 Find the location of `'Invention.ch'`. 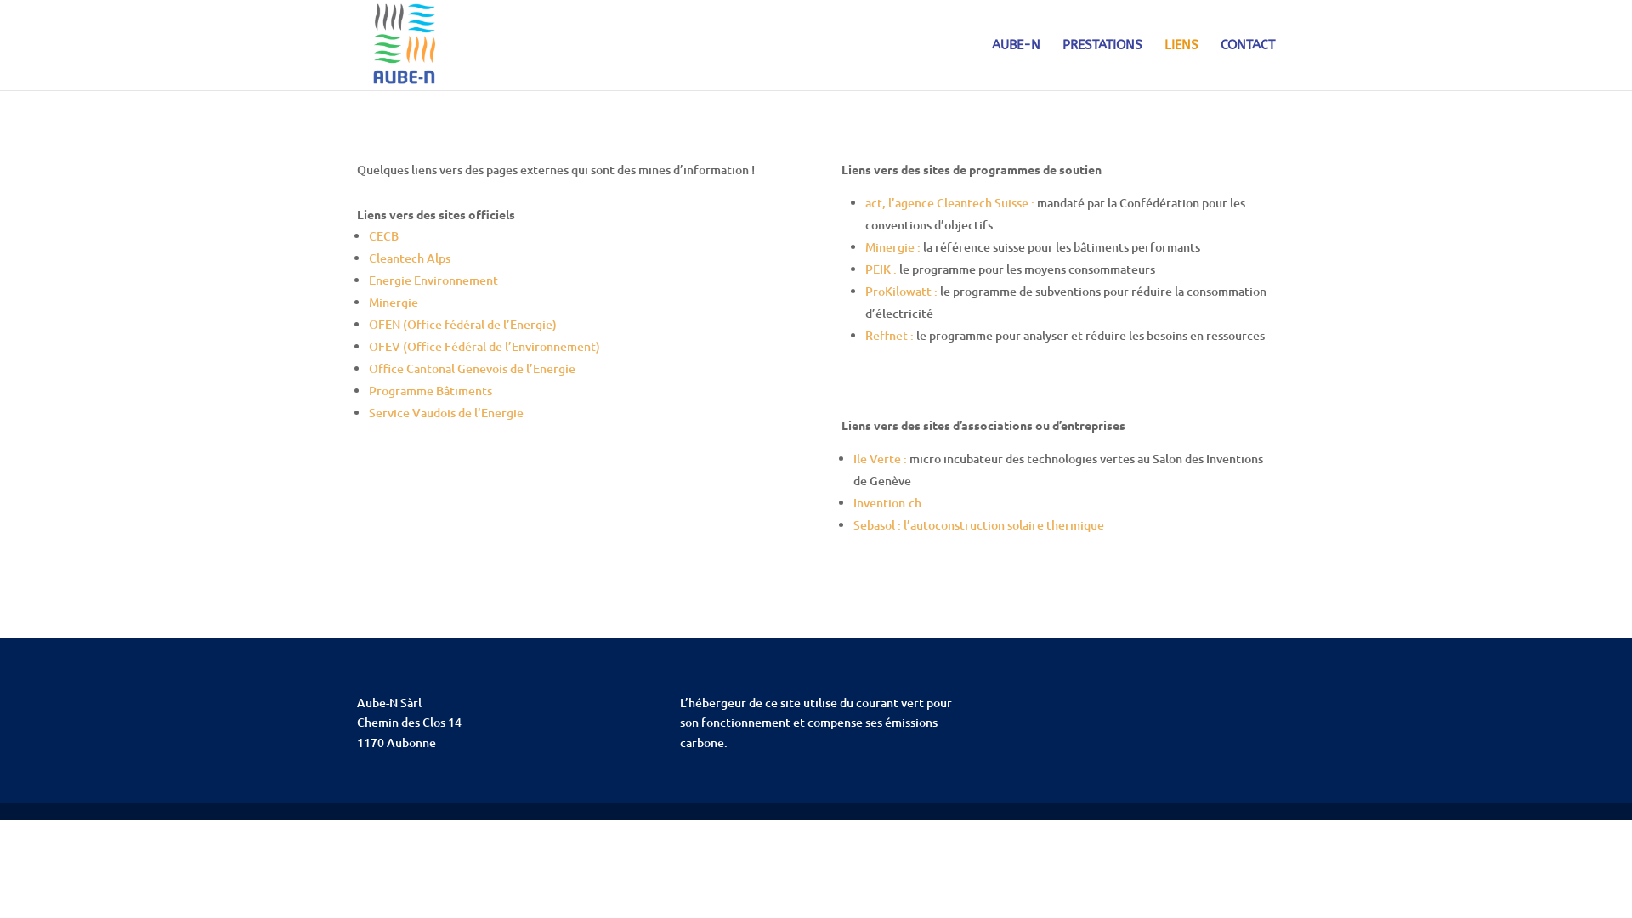

'Invention.ch' is located at coordinates (886, 501).